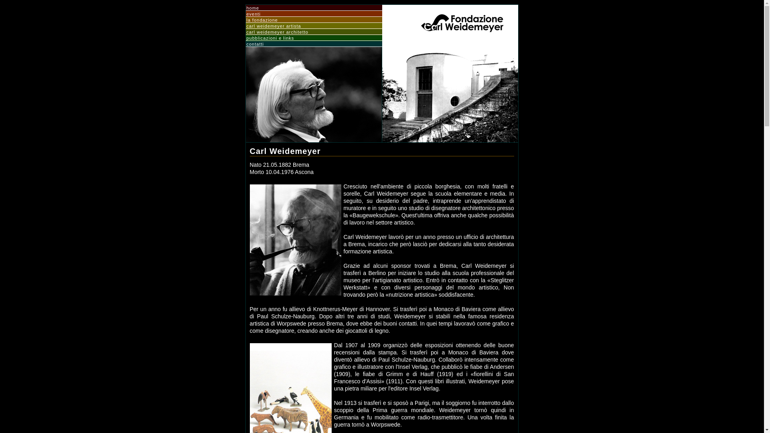 The width and height of the screenshot is (770, 433). Describe the element at coordinates (313, 32) in the screenshot. I see `'carl weidemeyer architetto'` at that location.